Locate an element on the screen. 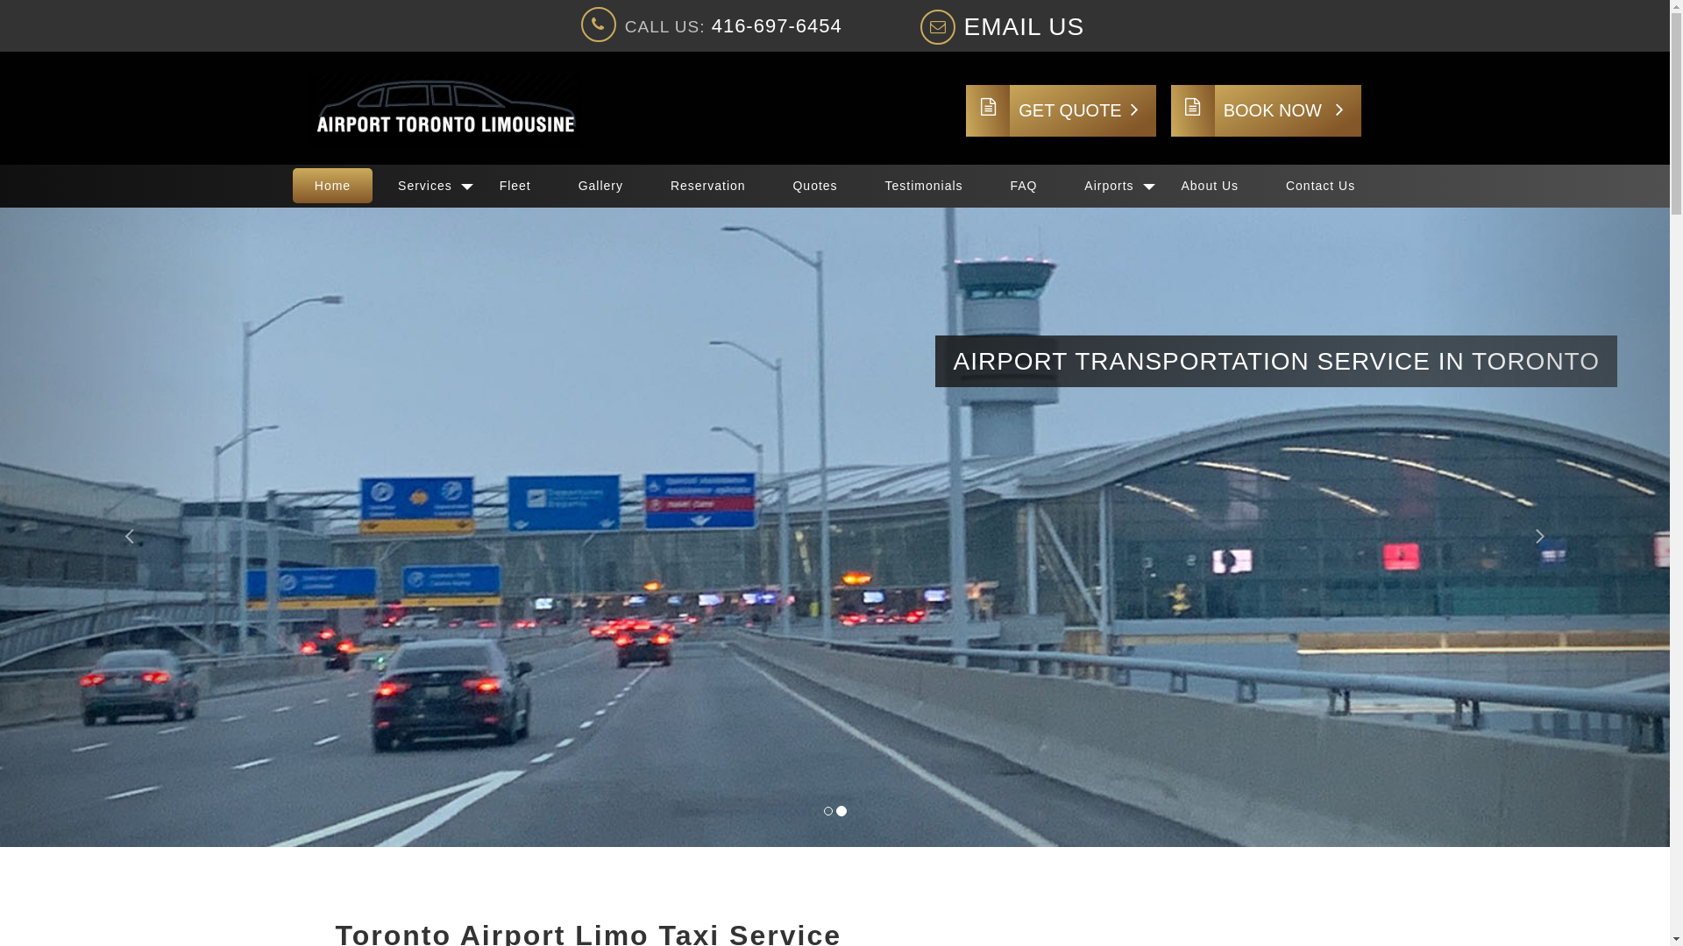  'GET QUOTE' is located at coordinates (965, 110).